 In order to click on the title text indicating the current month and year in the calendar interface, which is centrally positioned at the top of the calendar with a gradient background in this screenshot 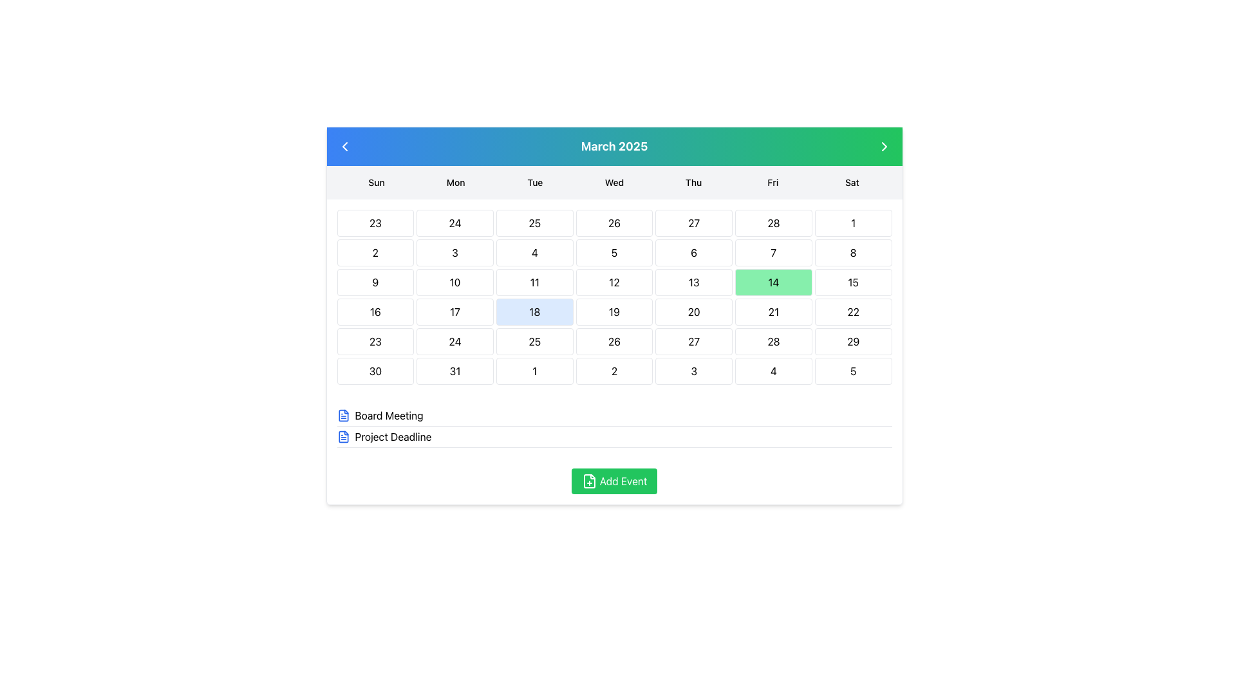, I will do `click(613, 145)`.